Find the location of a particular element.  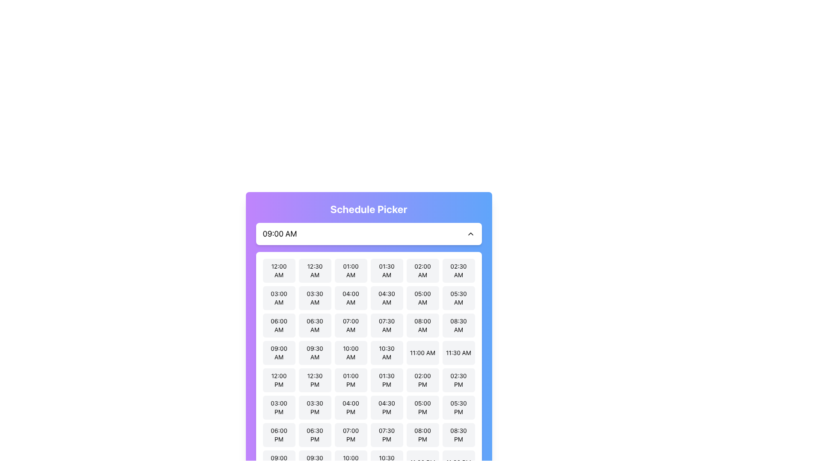

the button that allows users to select the 01:00 PM time slot in the schedule picker is located at coordinates (351, 379).